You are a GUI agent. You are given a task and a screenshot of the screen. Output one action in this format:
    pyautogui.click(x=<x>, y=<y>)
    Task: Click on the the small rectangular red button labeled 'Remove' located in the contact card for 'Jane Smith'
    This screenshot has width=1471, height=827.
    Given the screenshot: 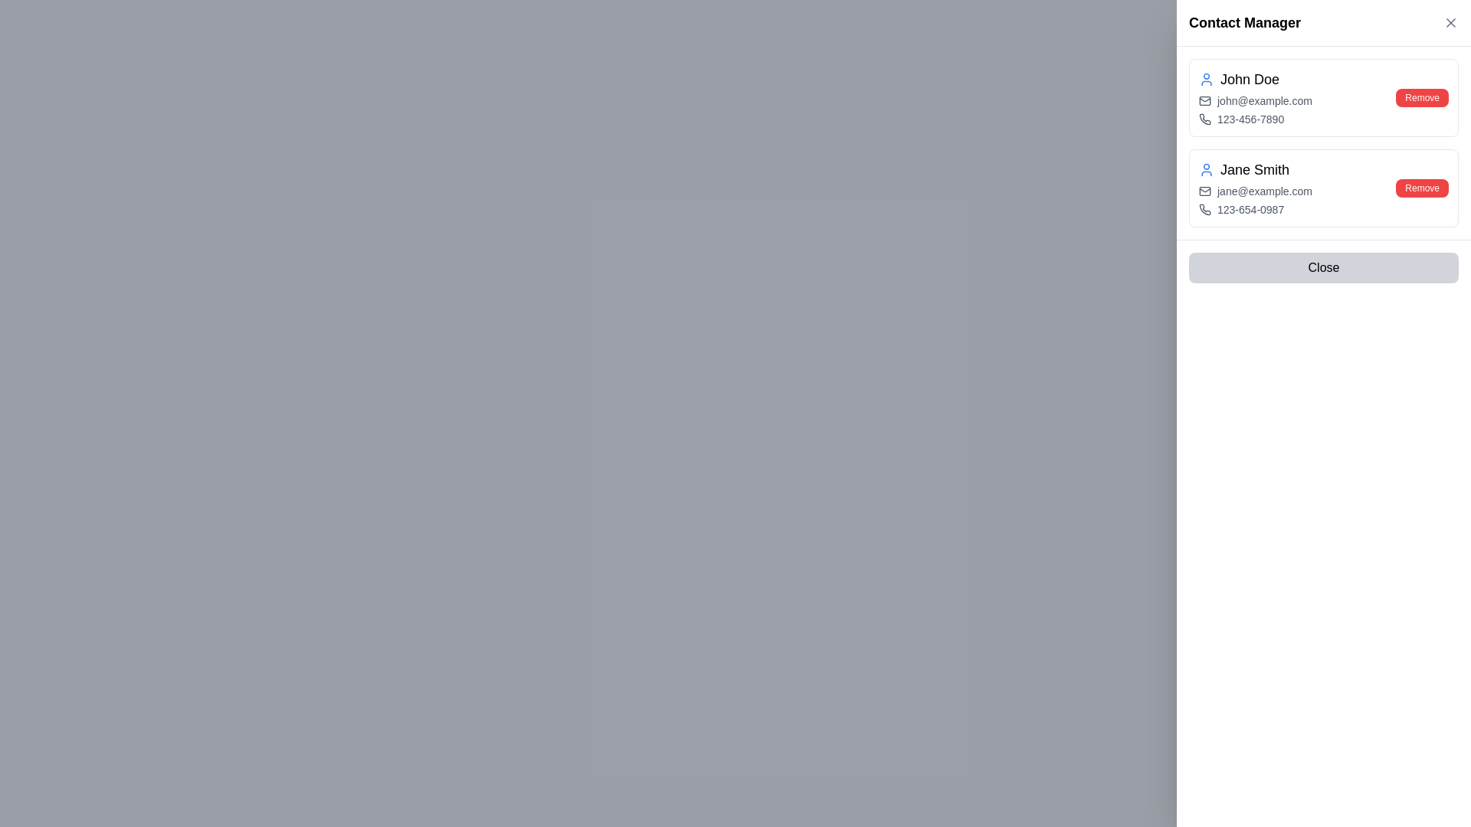 What is the action you would take?
    pyautogui.click(x=1421, y=188)
    